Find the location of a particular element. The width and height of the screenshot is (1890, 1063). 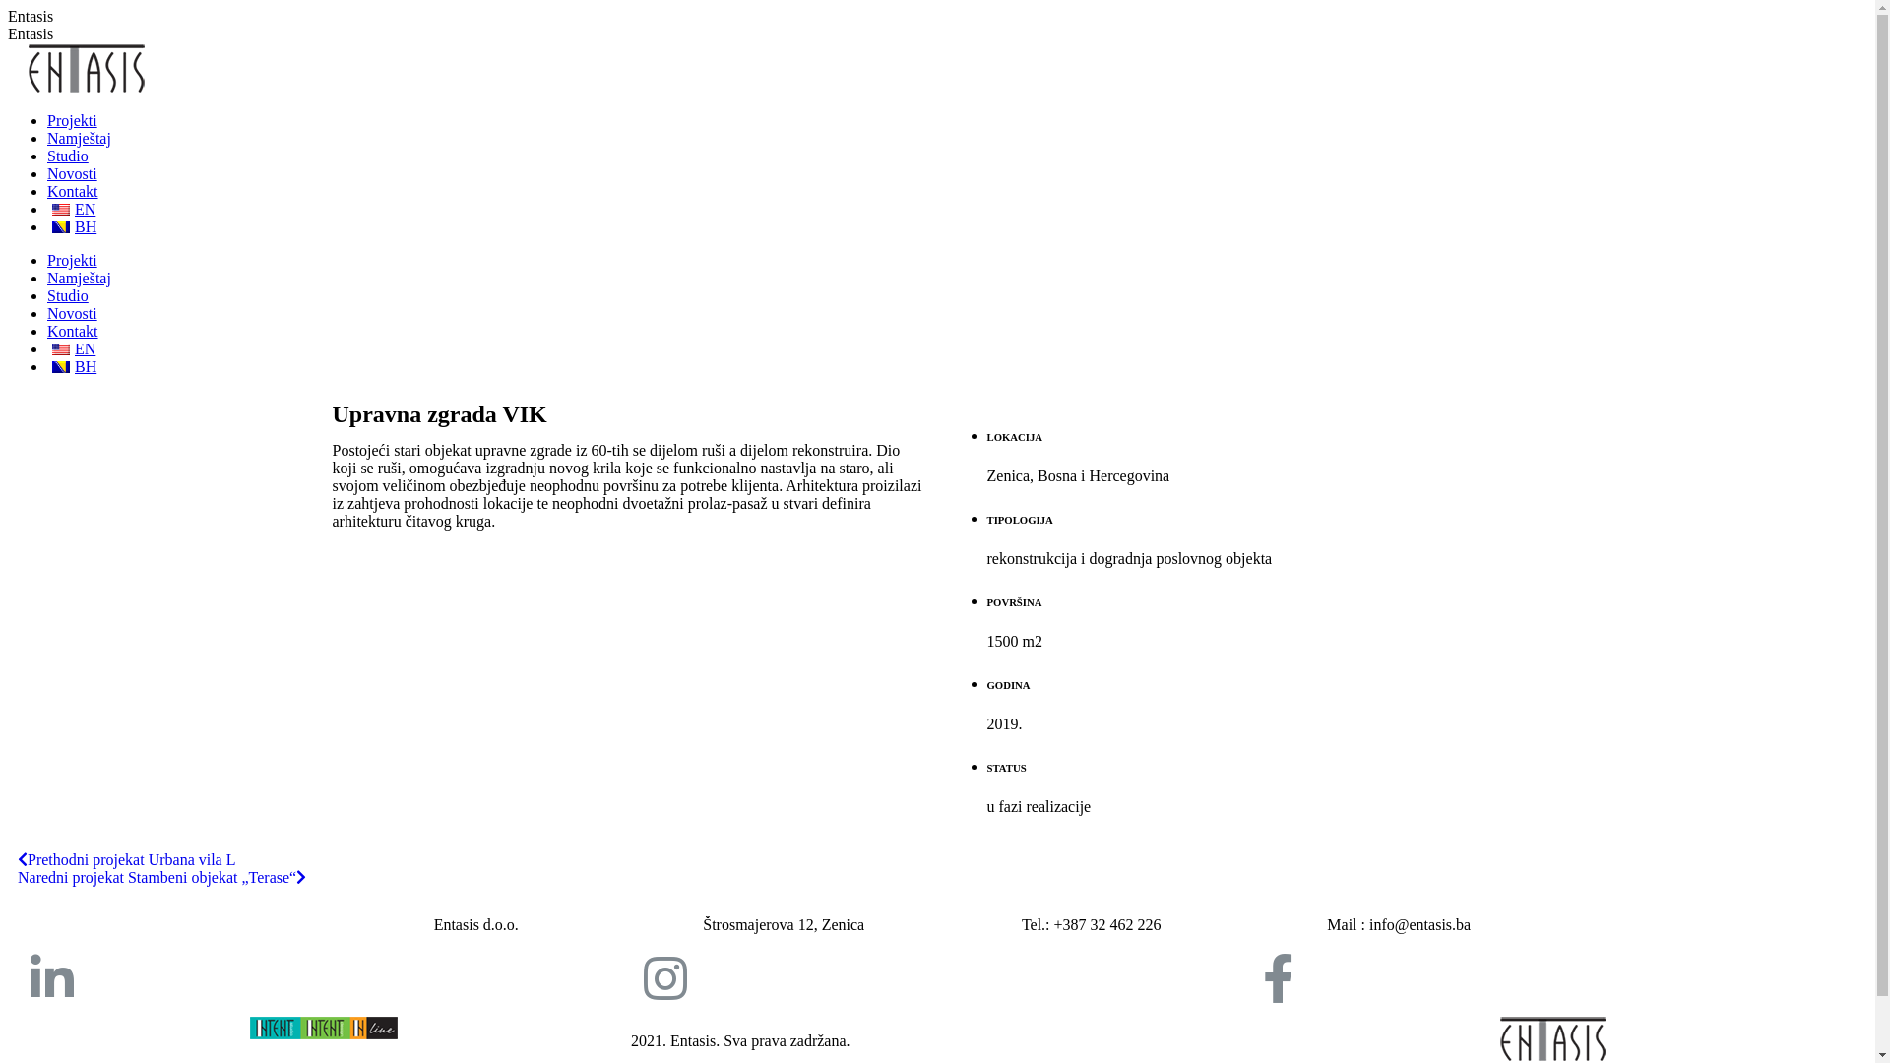

'Studio' is located at coordinates (47, 155).